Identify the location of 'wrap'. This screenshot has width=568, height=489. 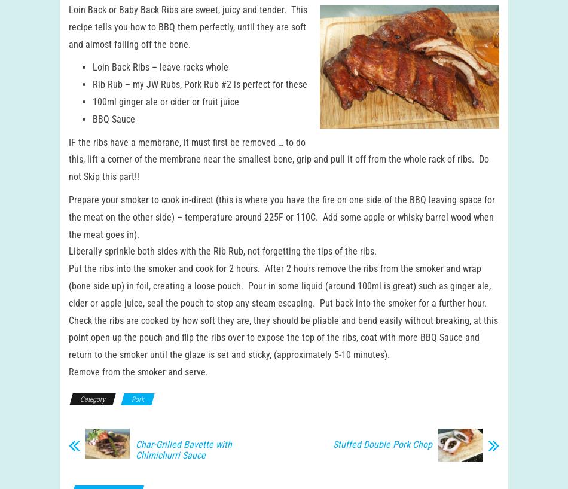
(471, 279).